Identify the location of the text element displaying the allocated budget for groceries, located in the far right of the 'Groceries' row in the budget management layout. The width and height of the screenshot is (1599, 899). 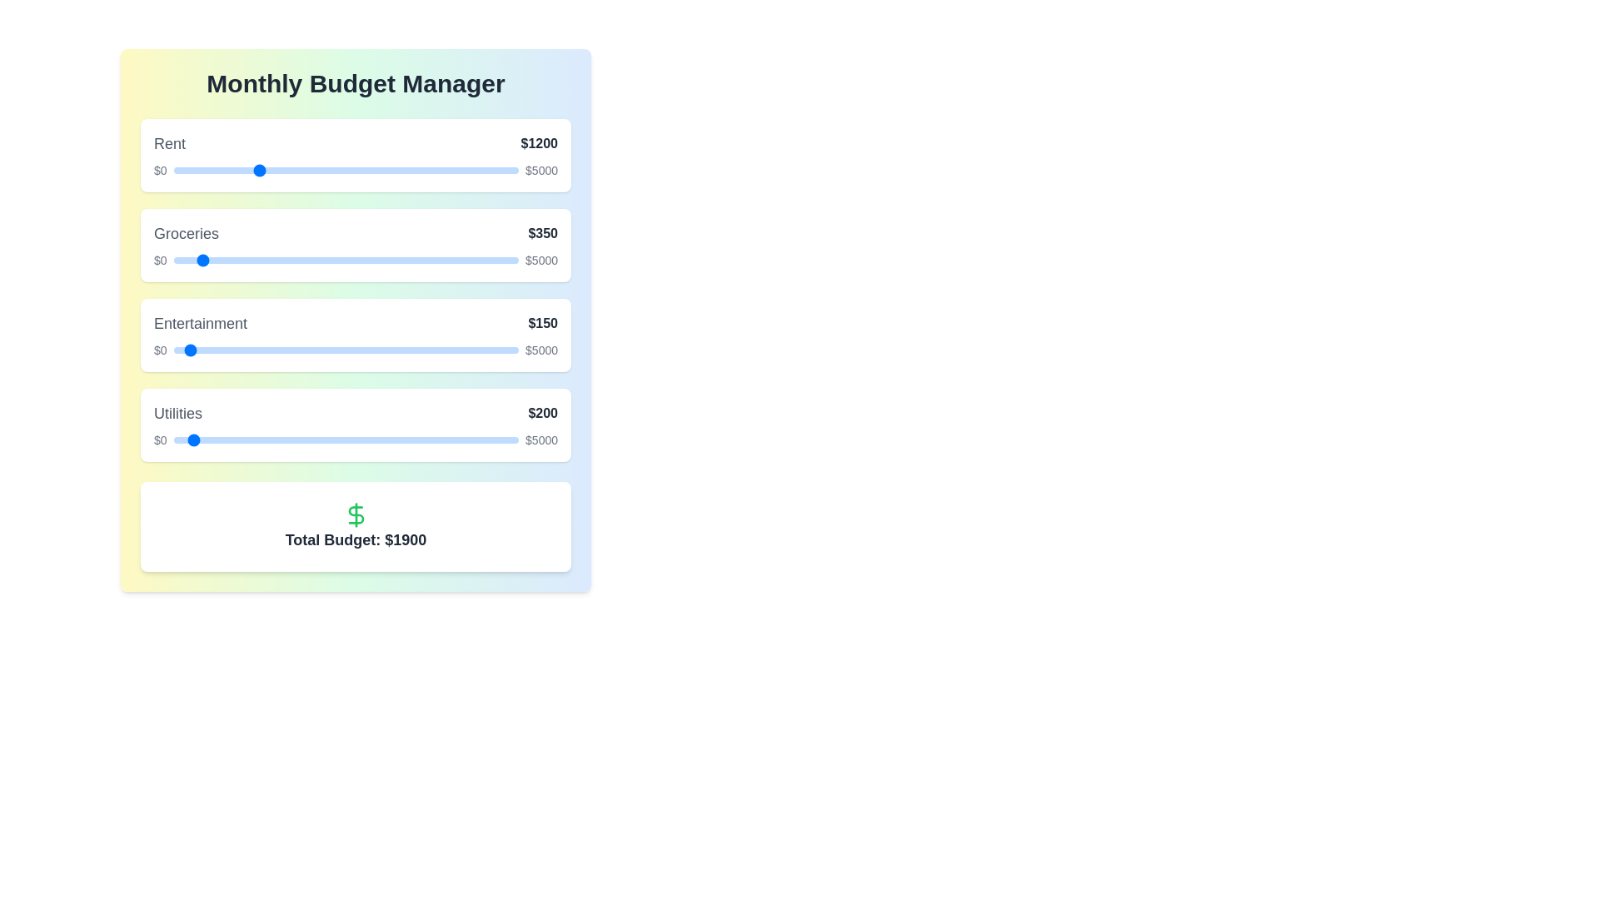
(543, 234).